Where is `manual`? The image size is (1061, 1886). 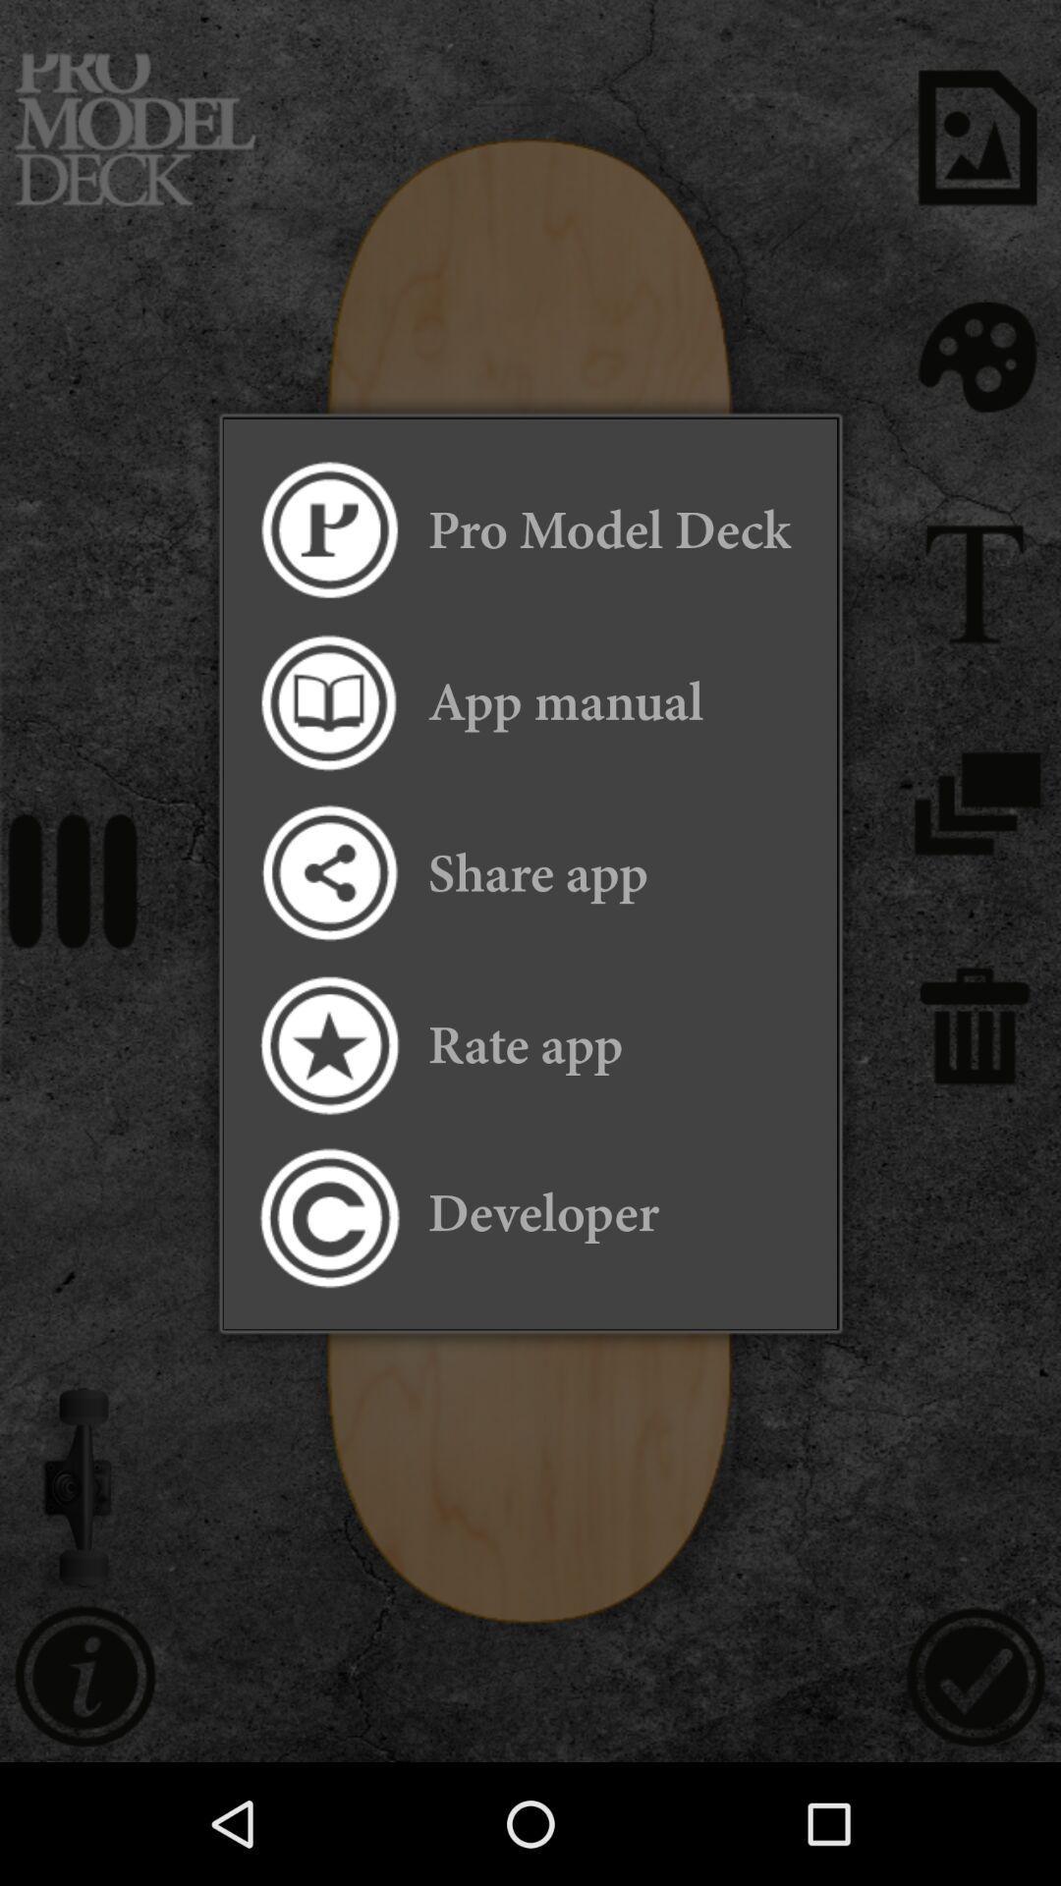
manual is located at coordinates (327, 702).